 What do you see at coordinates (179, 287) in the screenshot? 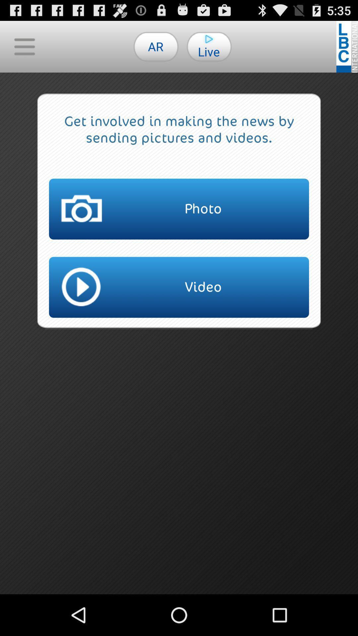
I see `the video` at bounding box center [179, 287].